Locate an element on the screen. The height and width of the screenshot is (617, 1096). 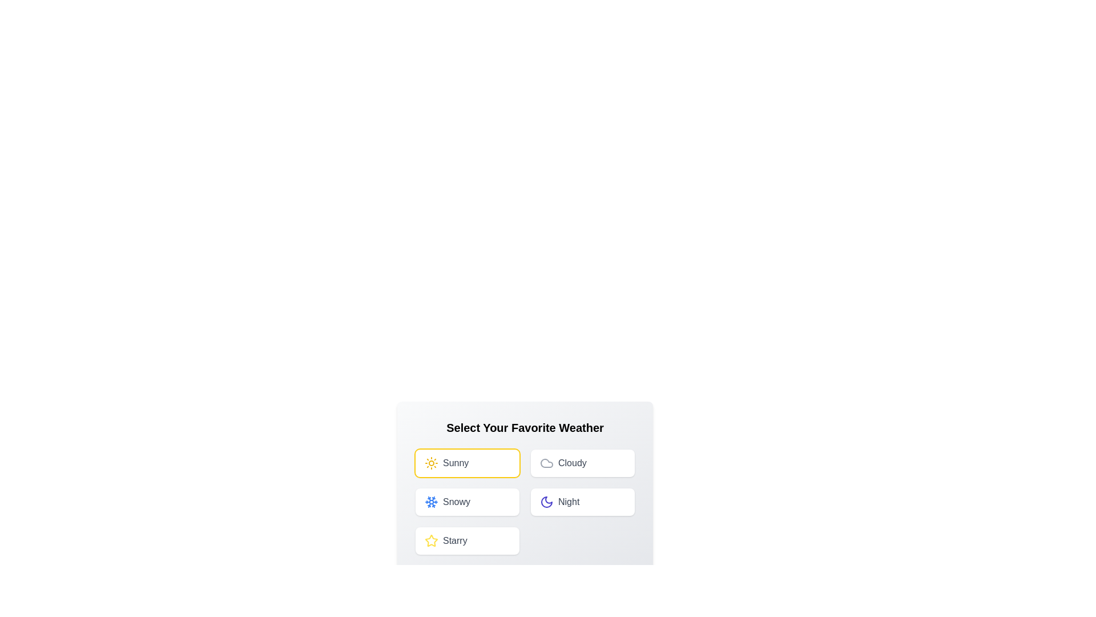
the snowflake icon representing the 'Snowy' weather selection option, located at the left side of the 'Snowy' button in the weather selection area is located at coordinates (430, 502).